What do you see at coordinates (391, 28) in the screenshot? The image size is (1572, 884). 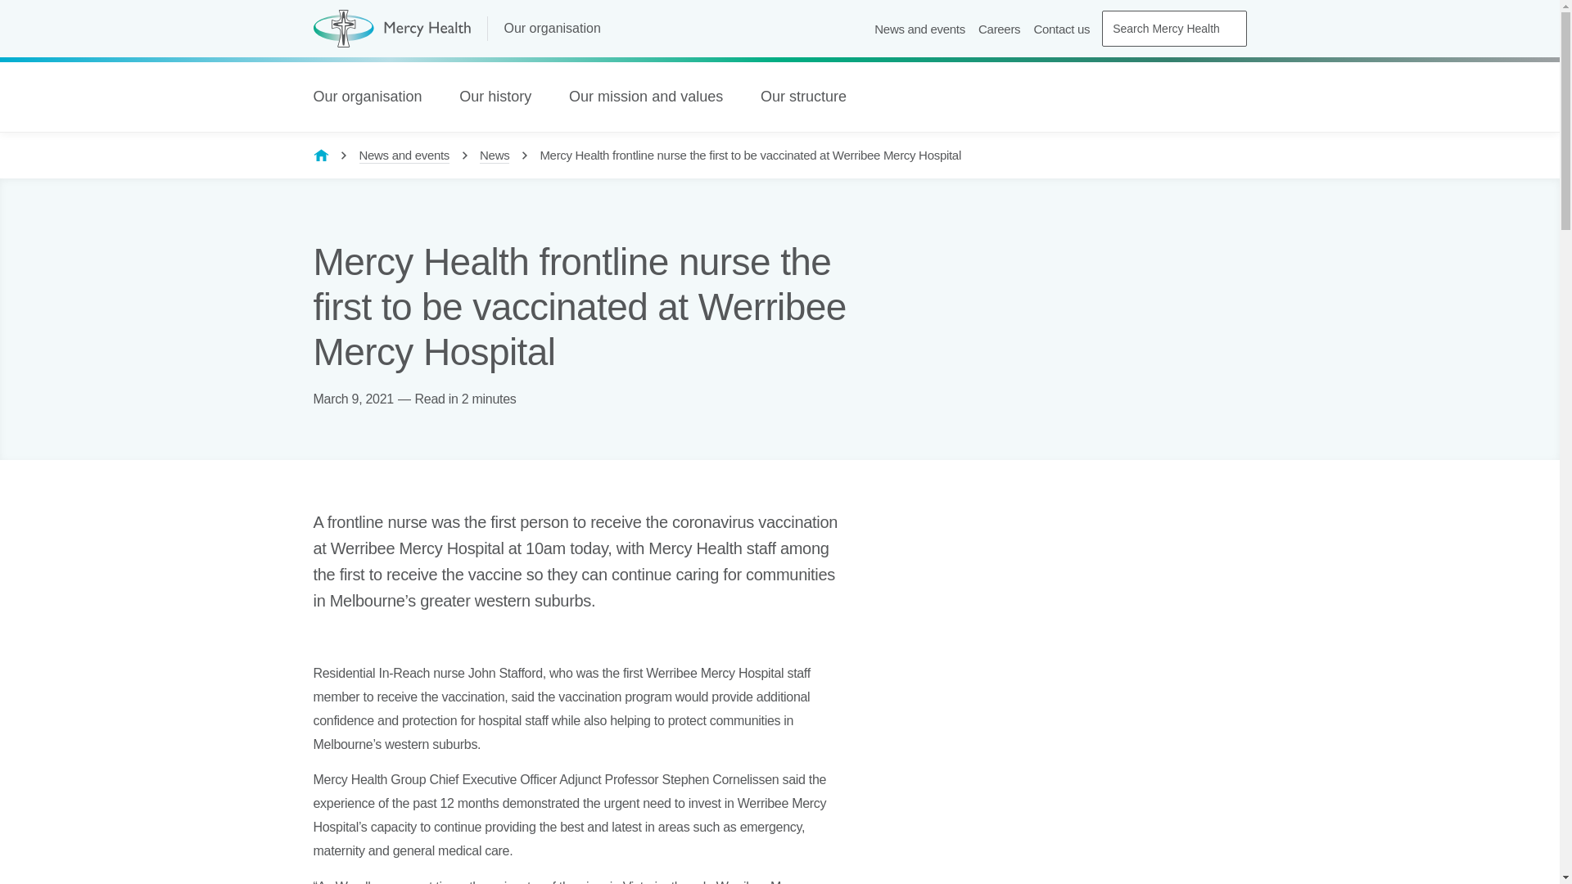 I see `'Mercy Health (home page)'` at bounding box center [391, 28].